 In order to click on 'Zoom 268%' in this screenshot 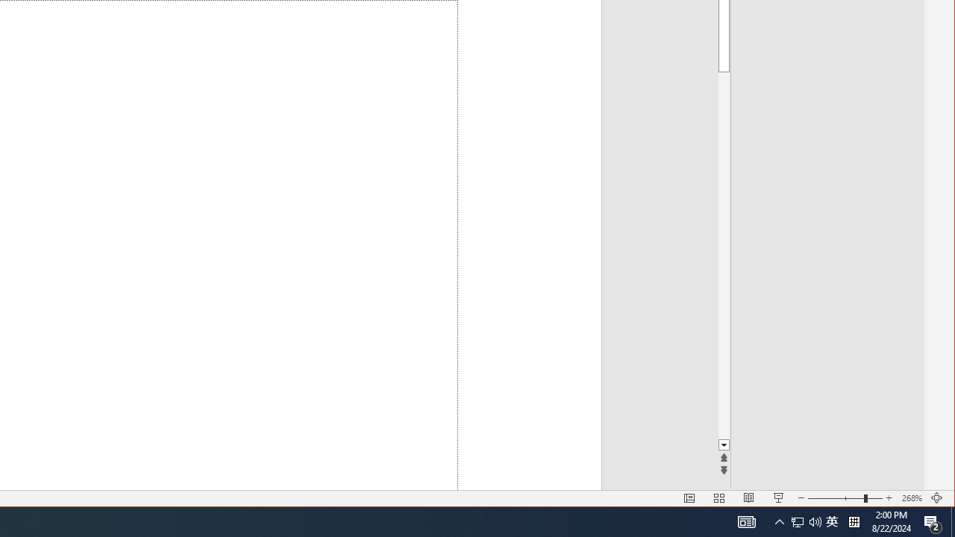, I will do `click(911, 498)`.